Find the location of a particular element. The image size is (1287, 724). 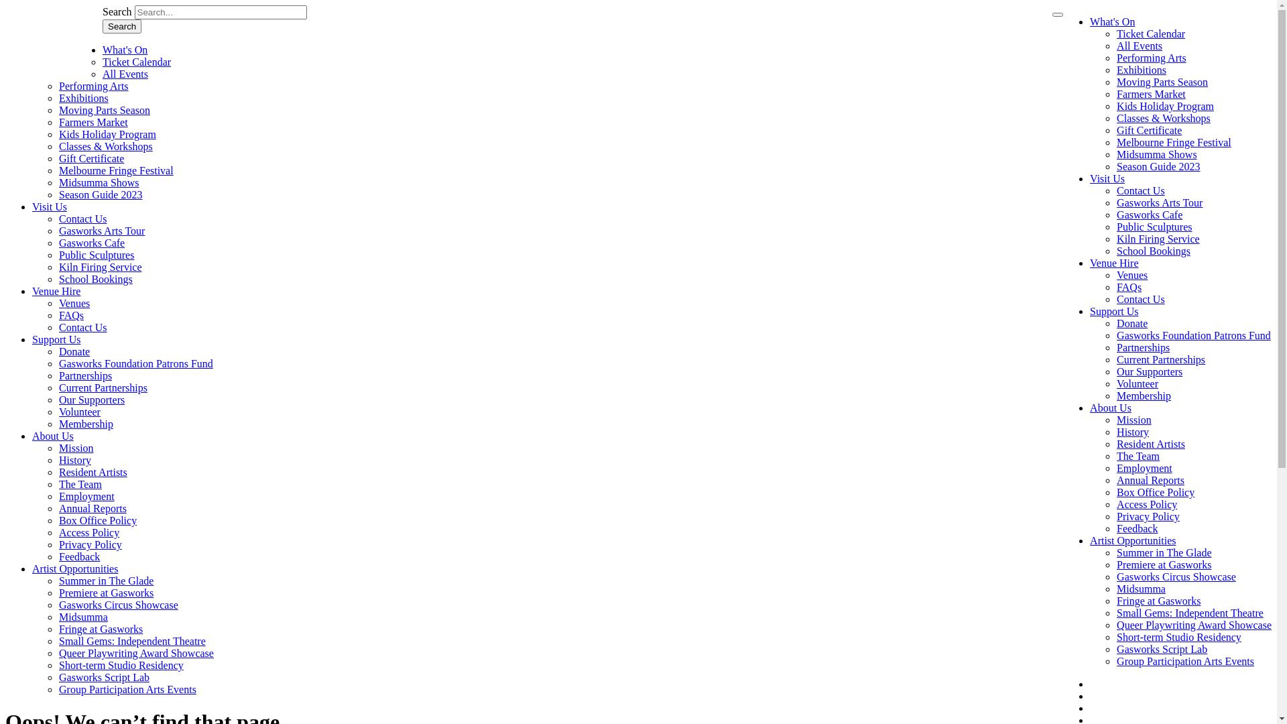

'Artist Opportunities' is located at coordinates (74, 568).